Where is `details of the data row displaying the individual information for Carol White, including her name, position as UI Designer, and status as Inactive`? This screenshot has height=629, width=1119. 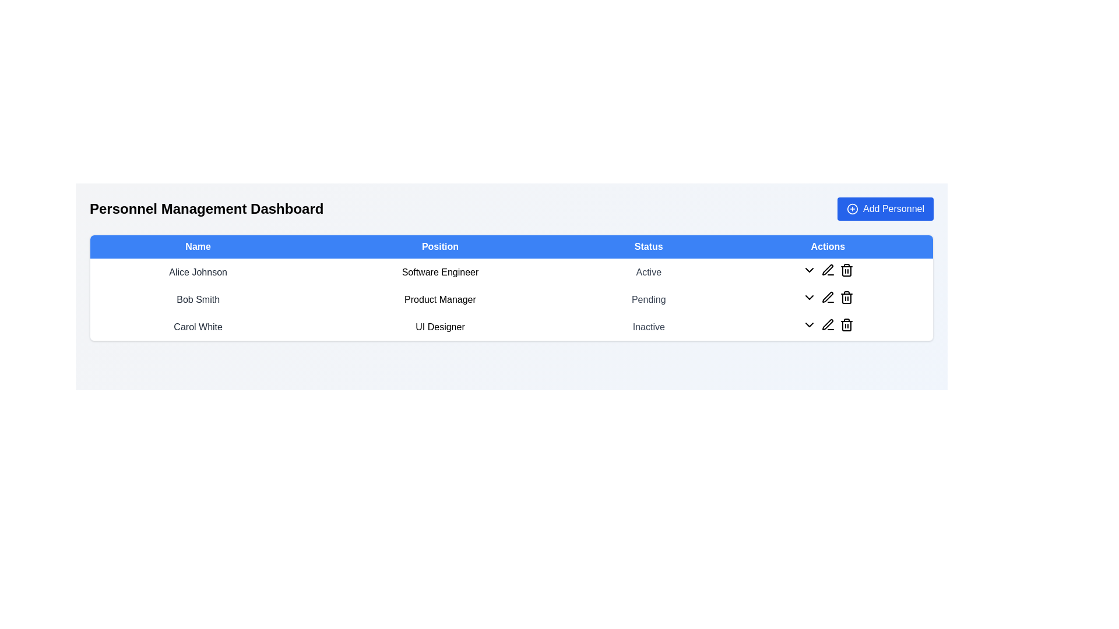 details of the data row displaying the individual information for Carol White, including her name, position as UI Designer, and status as Inactive is located at coordinates (512, 327).